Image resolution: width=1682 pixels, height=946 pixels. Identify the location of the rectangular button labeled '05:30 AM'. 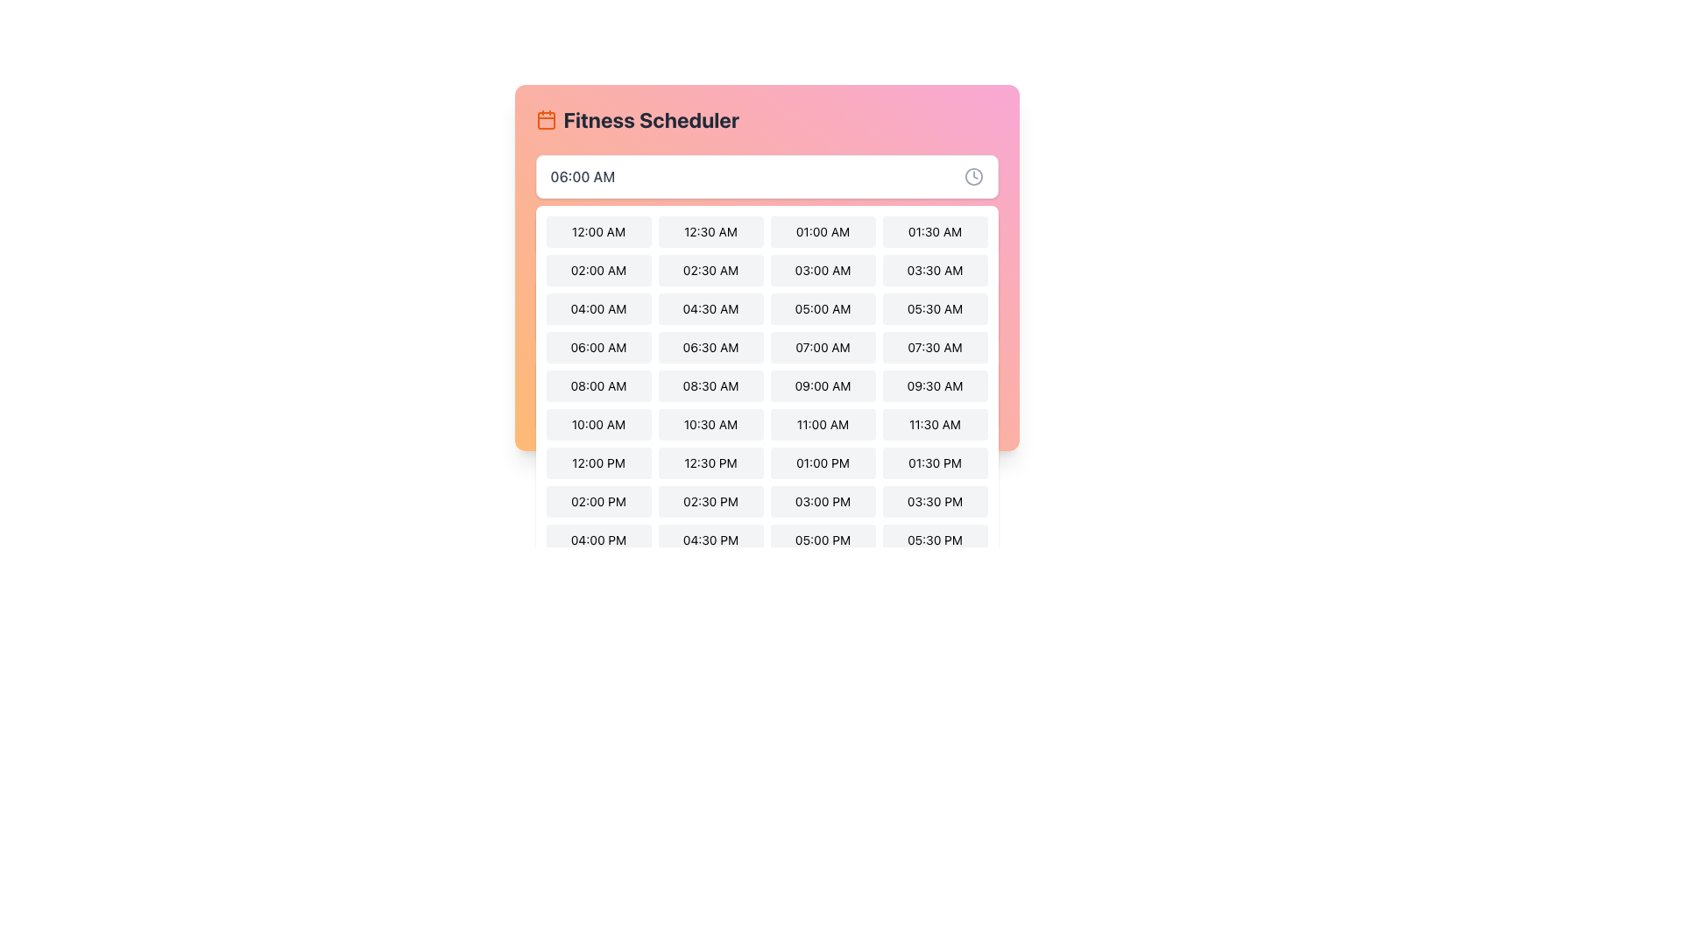
(934, 308).